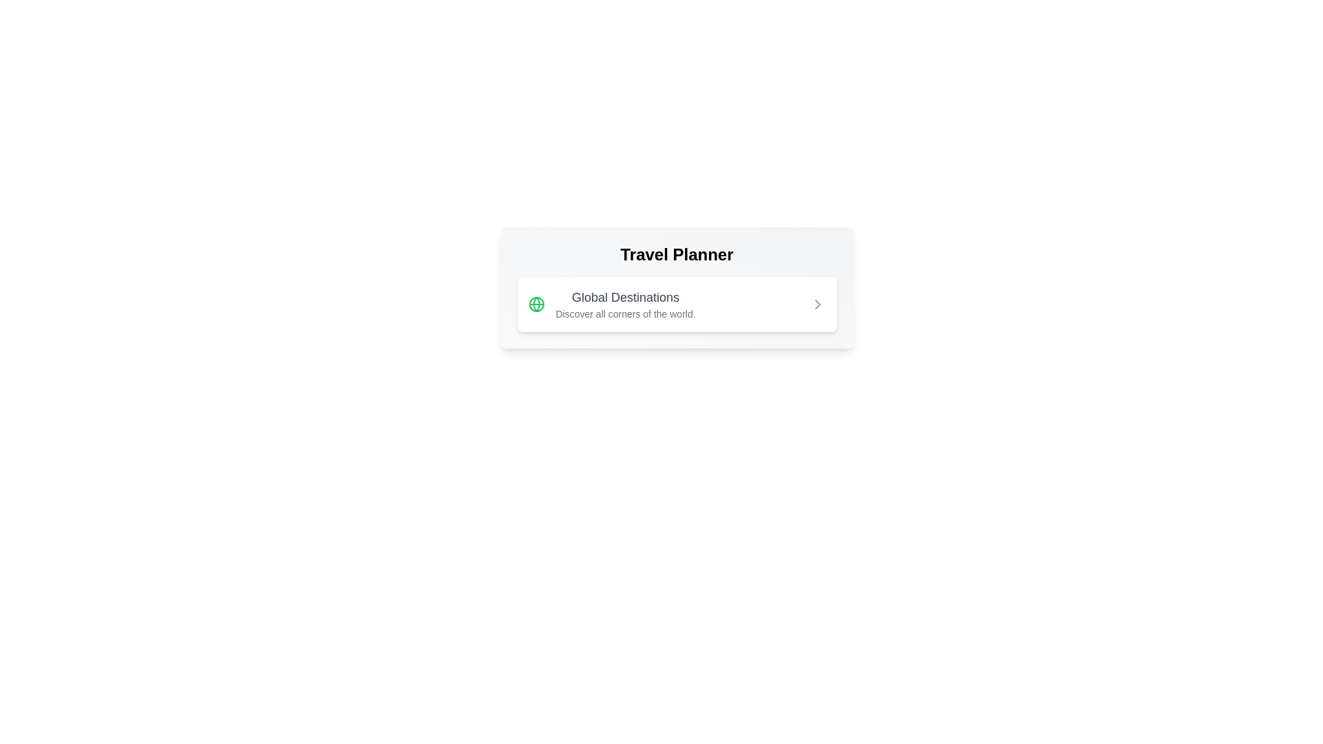 Image resolution: width=1323 pixels, height=744 pixels. I want to click on the icon located at the far right of the white rectangular card containing 'Global Destinations' for navigation, so click(817, 304).